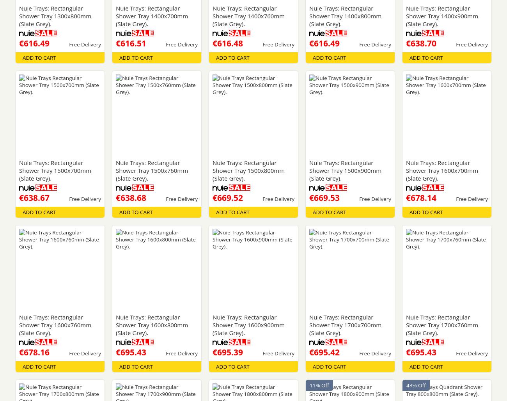  Describe the element at coordinates (345, 170) in the screenshot. I see `'Nuie Trays: Rectangular Shower Tray 1500x900mm (Slate Grey).'` at that location.